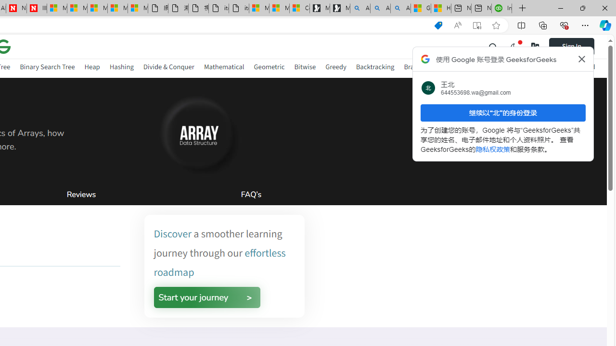 The width and height of the screenshot is (616, 346). I want to click on 'Divide & Conquer', so click(168, 68).